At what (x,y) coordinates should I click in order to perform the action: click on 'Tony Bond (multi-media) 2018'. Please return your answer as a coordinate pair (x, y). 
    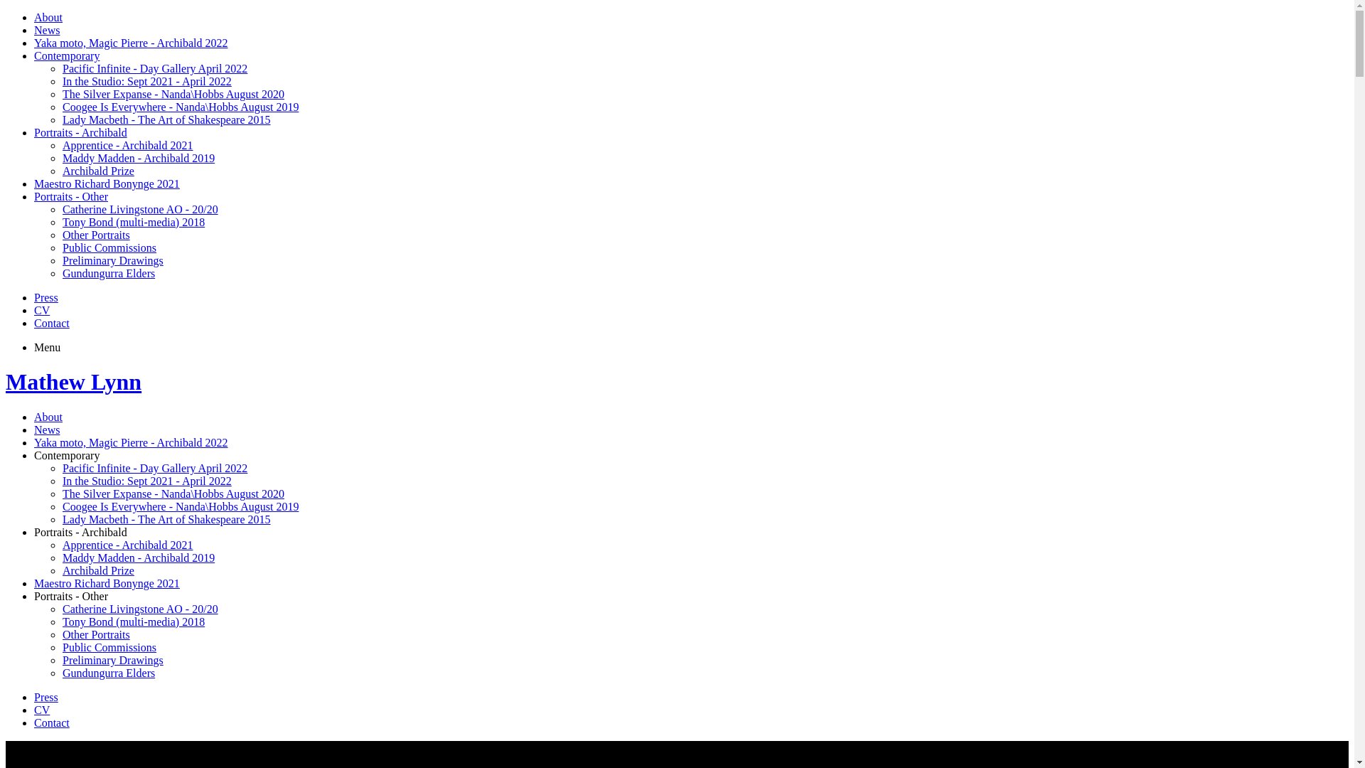
    Looking at the image, I should click on (61, 222).